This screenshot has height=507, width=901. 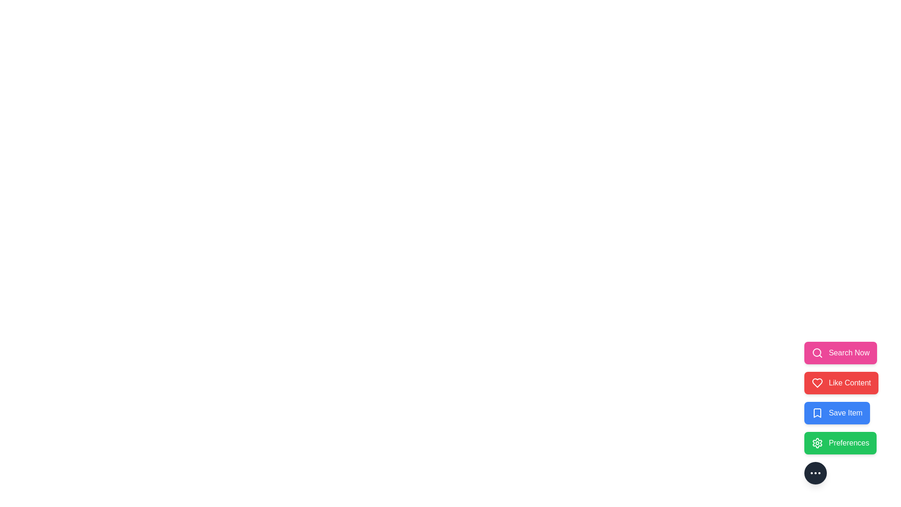 What do you see at coordinates (840, 443) in the screenshot?
I see `the action Preferences from the menu` at bounding box center [840, 443].